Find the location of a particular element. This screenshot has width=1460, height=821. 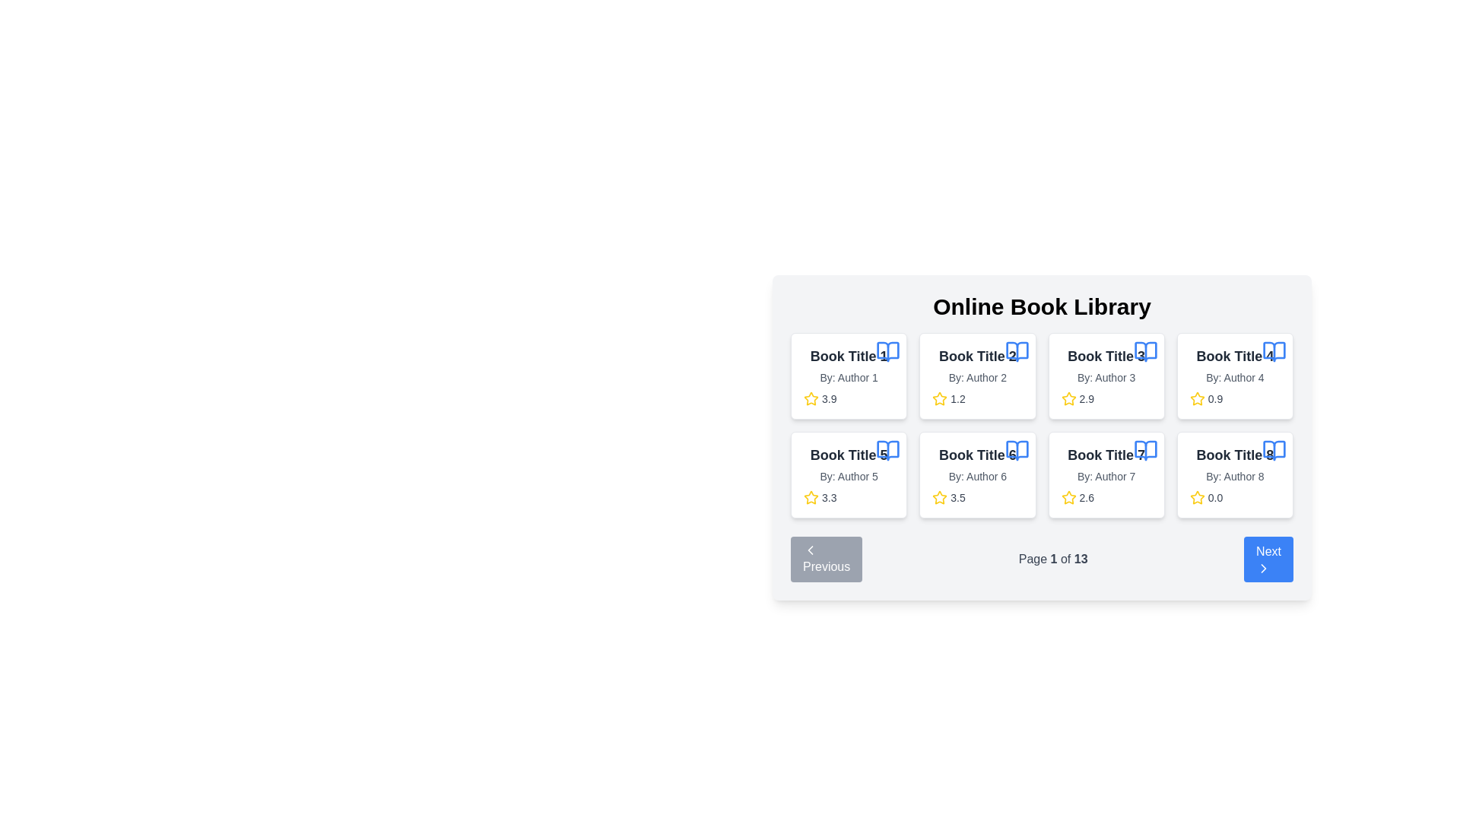

the blue-colored book icon located within the list item labeled 'Book Title 6' in the sixth card of the grid layout is located at coordinates (1017, 450).